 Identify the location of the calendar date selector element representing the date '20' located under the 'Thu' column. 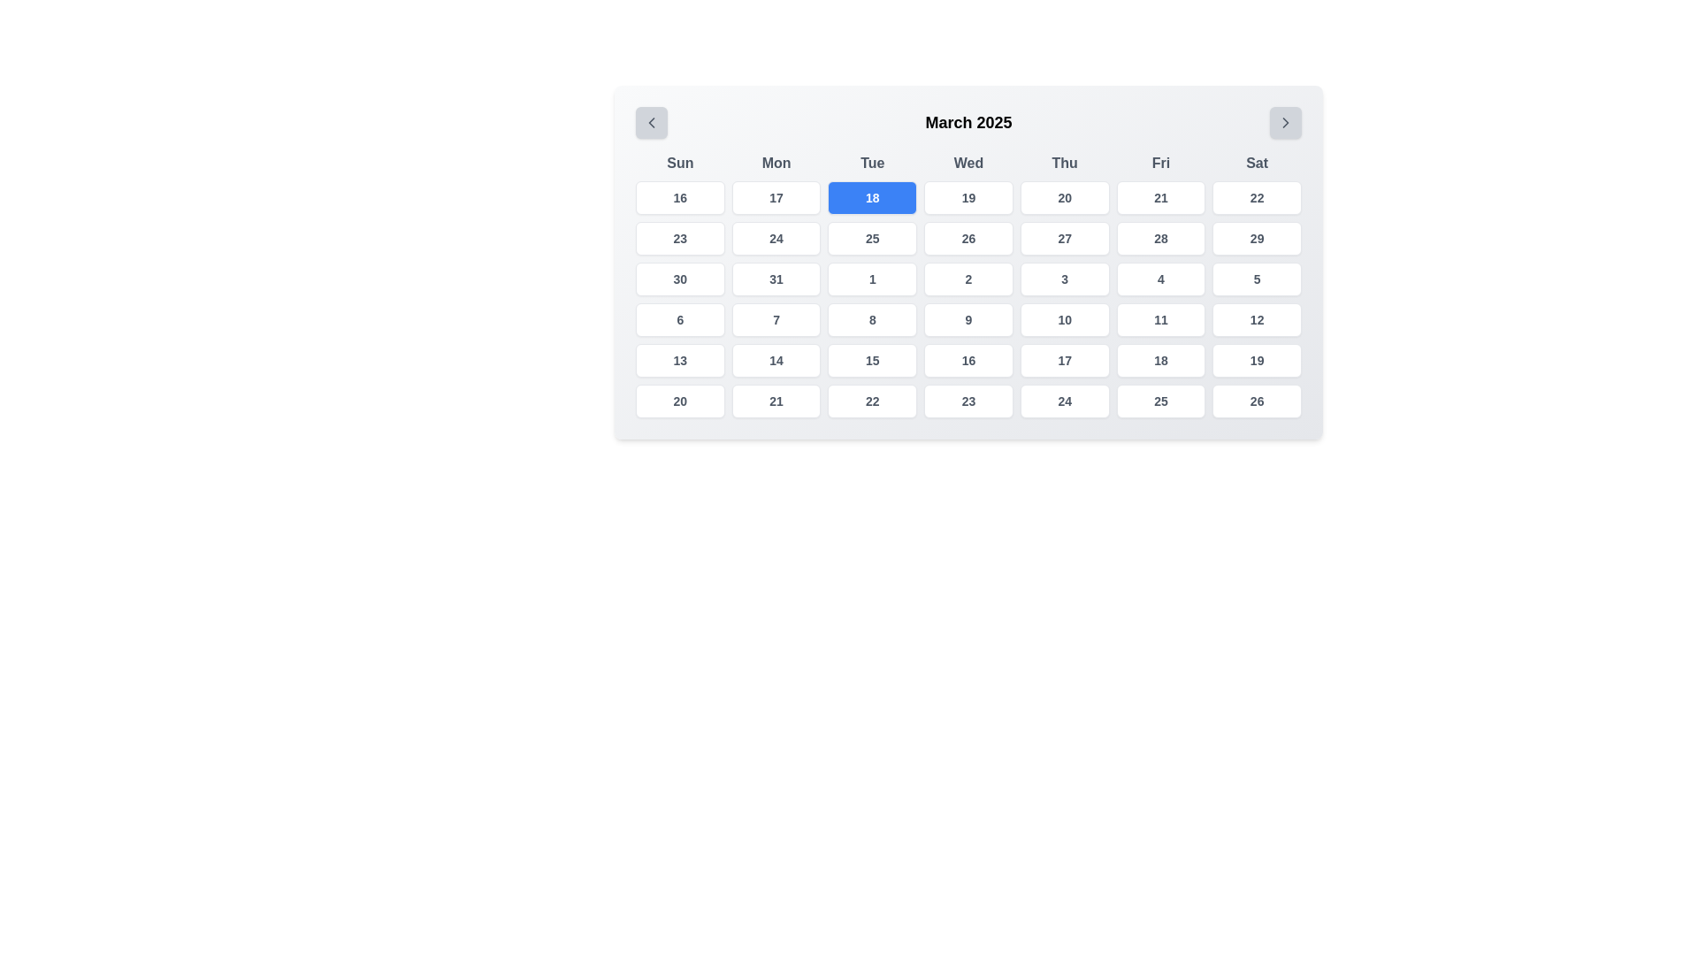
(1064, 197).